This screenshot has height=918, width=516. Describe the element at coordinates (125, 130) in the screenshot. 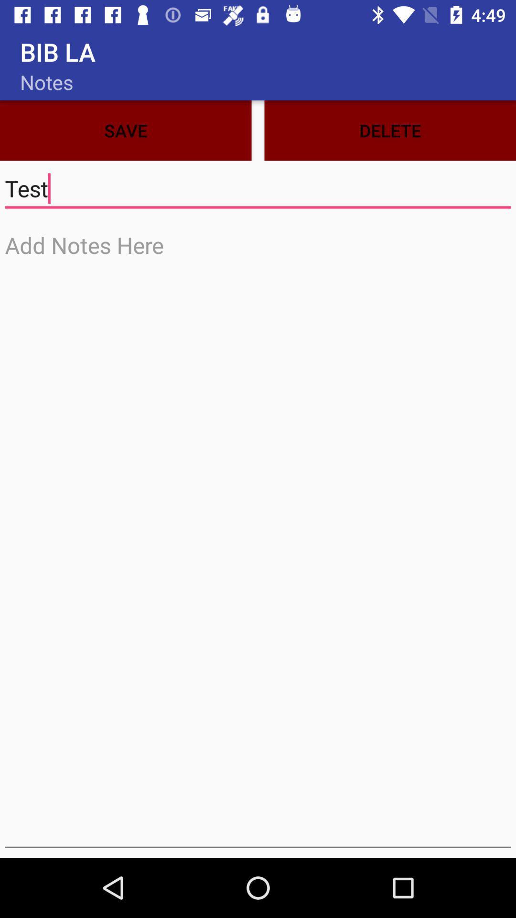

I see `the save` at that location.